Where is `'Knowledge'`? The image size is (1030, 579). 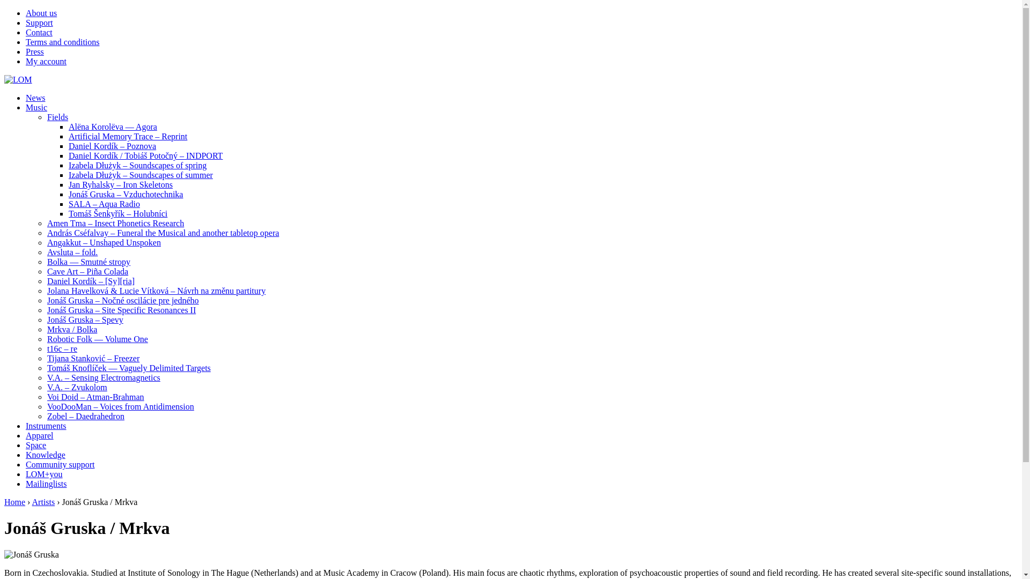
'Knowledge' is located at coordinates (45, 455).